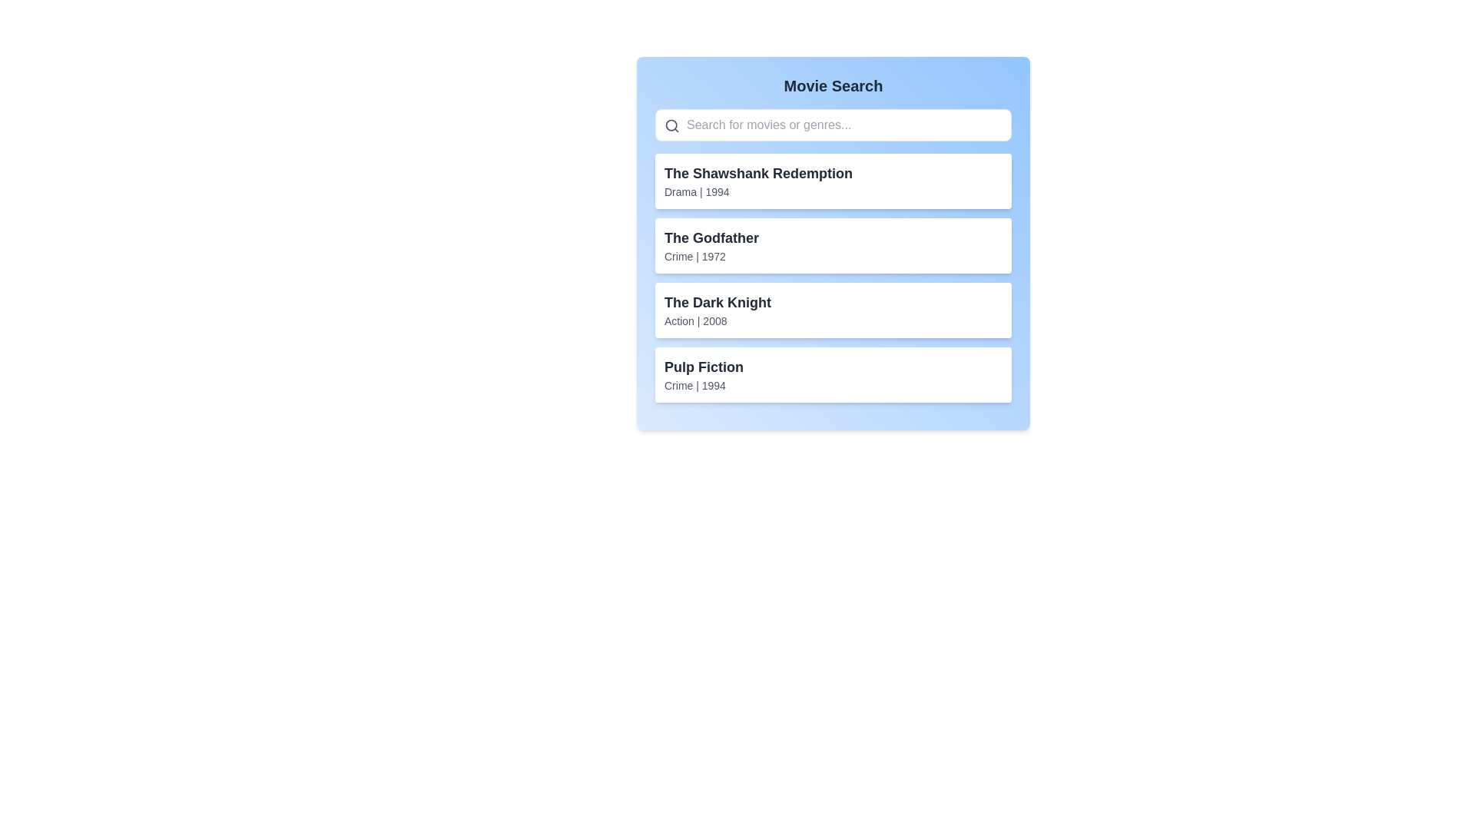 Image resolution: width=1475 pixels, height=830 pixels. What do you see at coordinates (717, 320) in the screenshot?
I see `the metadata text label displaying the genre 'Action' and release year '2008', which is positioned below the 'The Dark Knight' text in the movie entry list` at bounding box center [717, 320].